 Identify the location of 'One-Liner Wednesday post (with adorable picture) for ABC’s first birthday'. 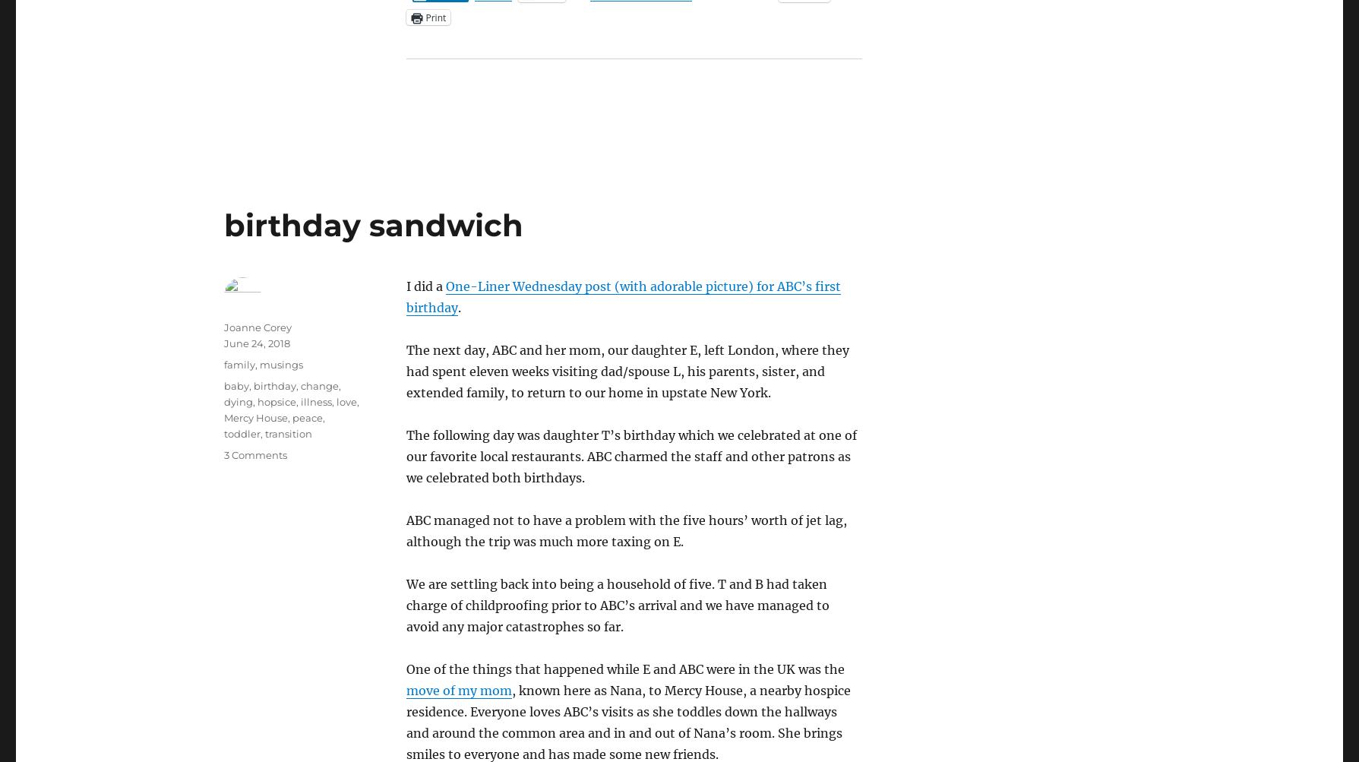
(623, 296).